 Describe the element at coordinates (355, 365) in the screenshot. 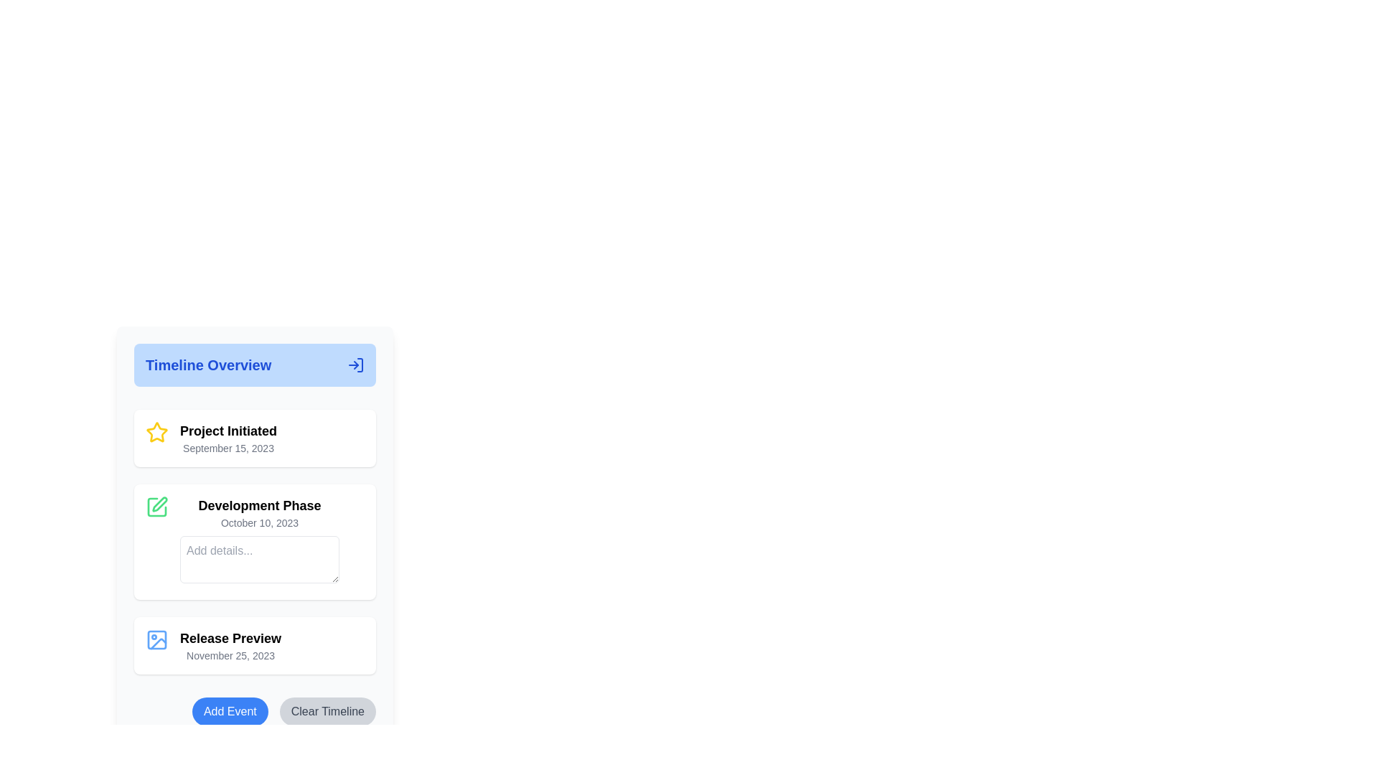

I see `the graphical icon located at the top-right corner of the blue header section labeled 'Timeline Overview' to initiate the navigation or log in action` at that location.